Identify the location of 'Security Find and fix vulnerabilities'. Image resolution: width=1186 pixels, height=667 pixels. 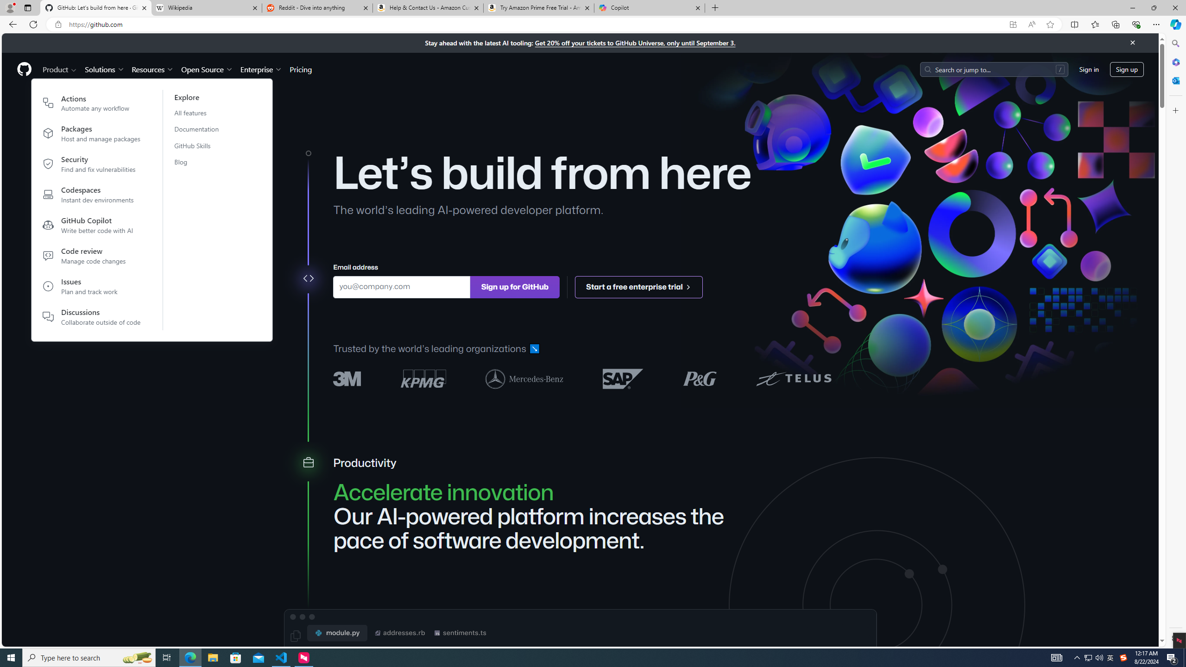
(91, 165).